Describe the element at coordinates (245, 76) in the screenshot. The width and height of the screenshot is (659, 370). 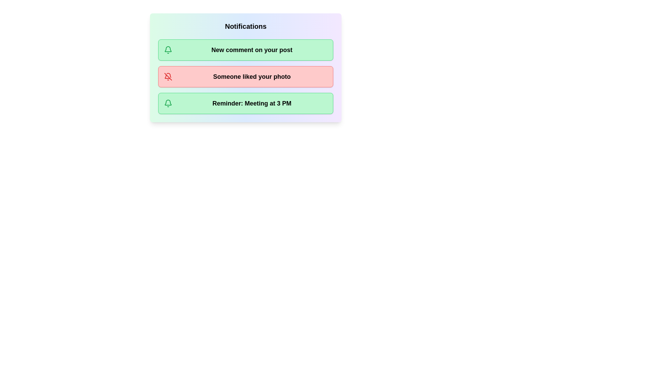
I see `the notification chip corresponding to Someone liked your photo` at that location.